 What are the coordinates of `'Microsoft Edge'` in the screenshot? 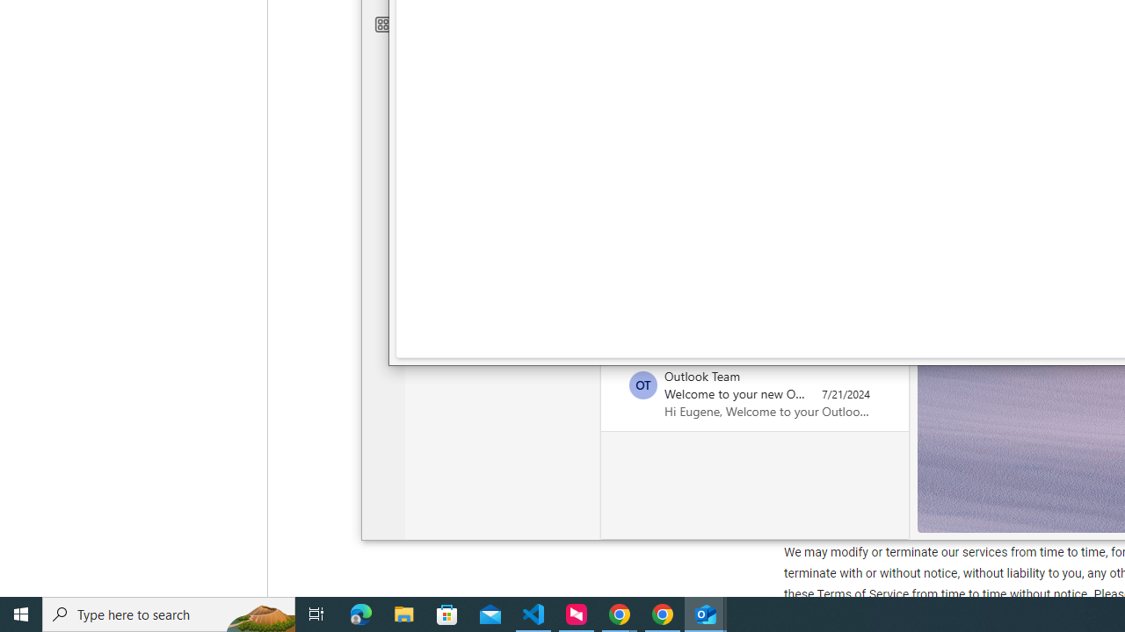 It's located at (360, 613).